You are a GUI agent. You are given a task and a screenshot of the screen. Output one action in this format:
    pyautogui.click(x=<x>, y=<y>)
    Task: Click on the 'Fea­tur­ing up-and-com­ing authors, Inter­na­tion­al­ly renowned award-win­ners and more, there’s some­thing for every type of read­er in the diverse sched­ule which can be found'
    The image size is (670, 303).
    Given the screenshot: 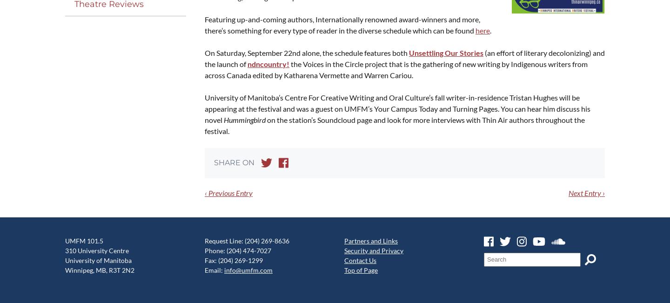 What is the action you would take?
    pyautogui.click(x=205, y=25)
    